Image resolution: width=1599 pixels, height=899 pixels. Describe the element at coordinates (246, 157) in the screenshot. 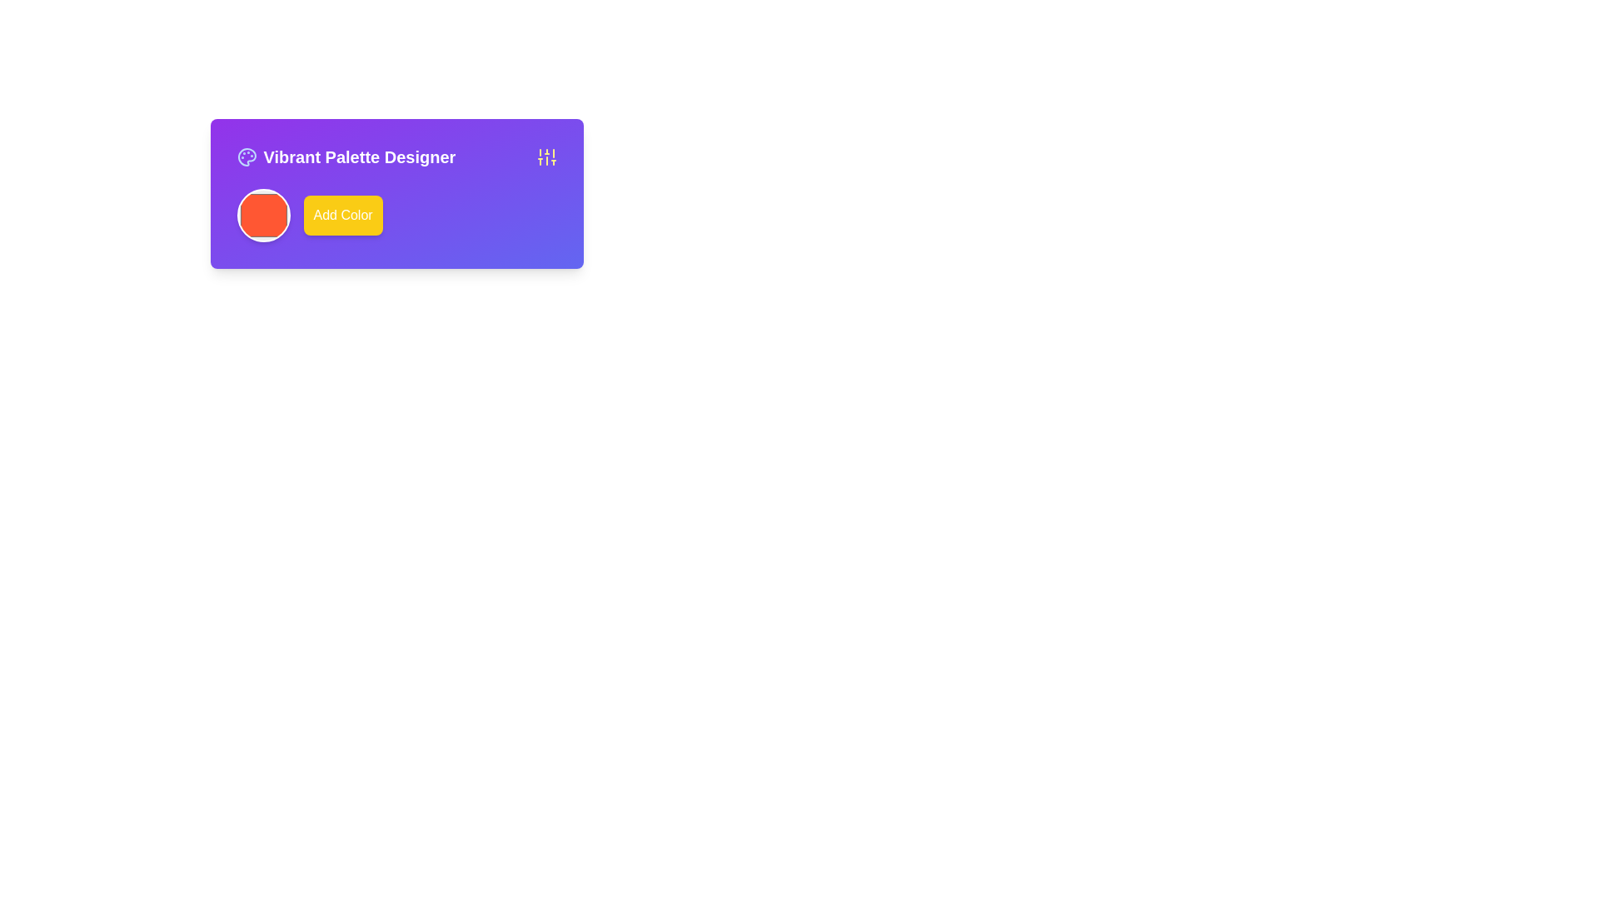

I see `the decorative icon positioned to the left of the title 'Vibrant Palette Designer' in the header section, which visually represents the theme of color design` at that location.